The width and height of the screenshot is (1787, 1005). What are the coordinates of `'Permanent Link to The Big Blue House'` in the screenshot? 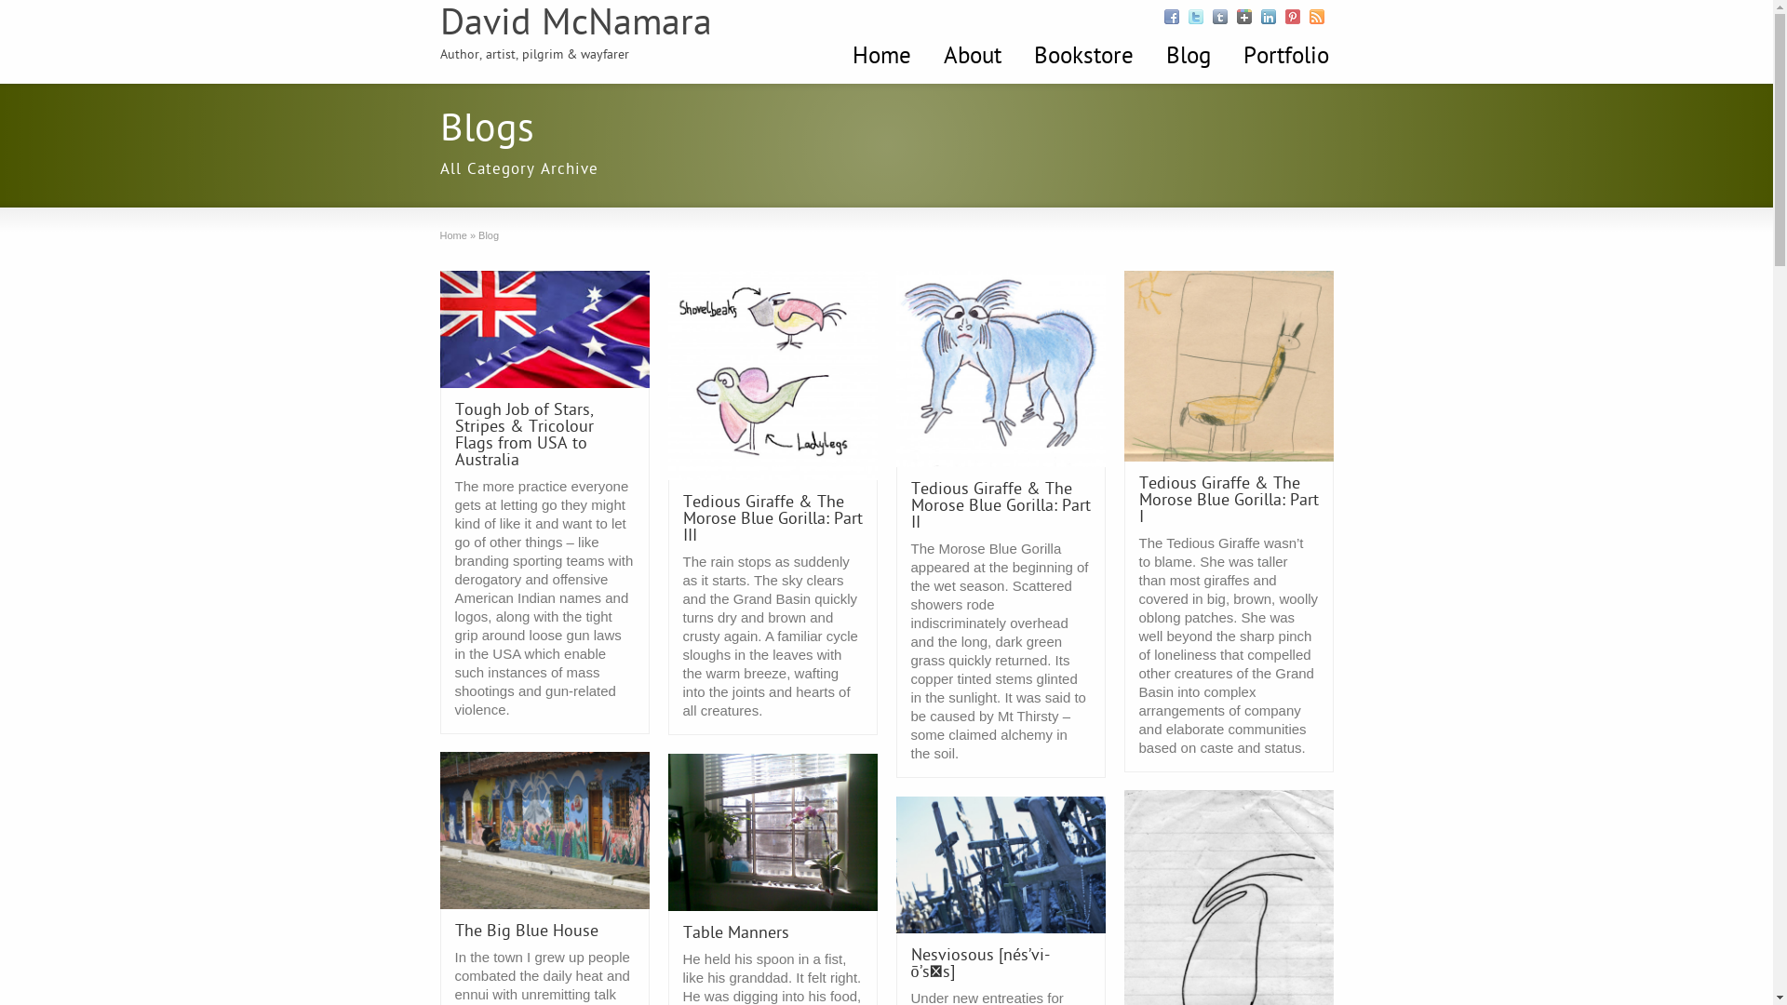 It's located at (543, 829).